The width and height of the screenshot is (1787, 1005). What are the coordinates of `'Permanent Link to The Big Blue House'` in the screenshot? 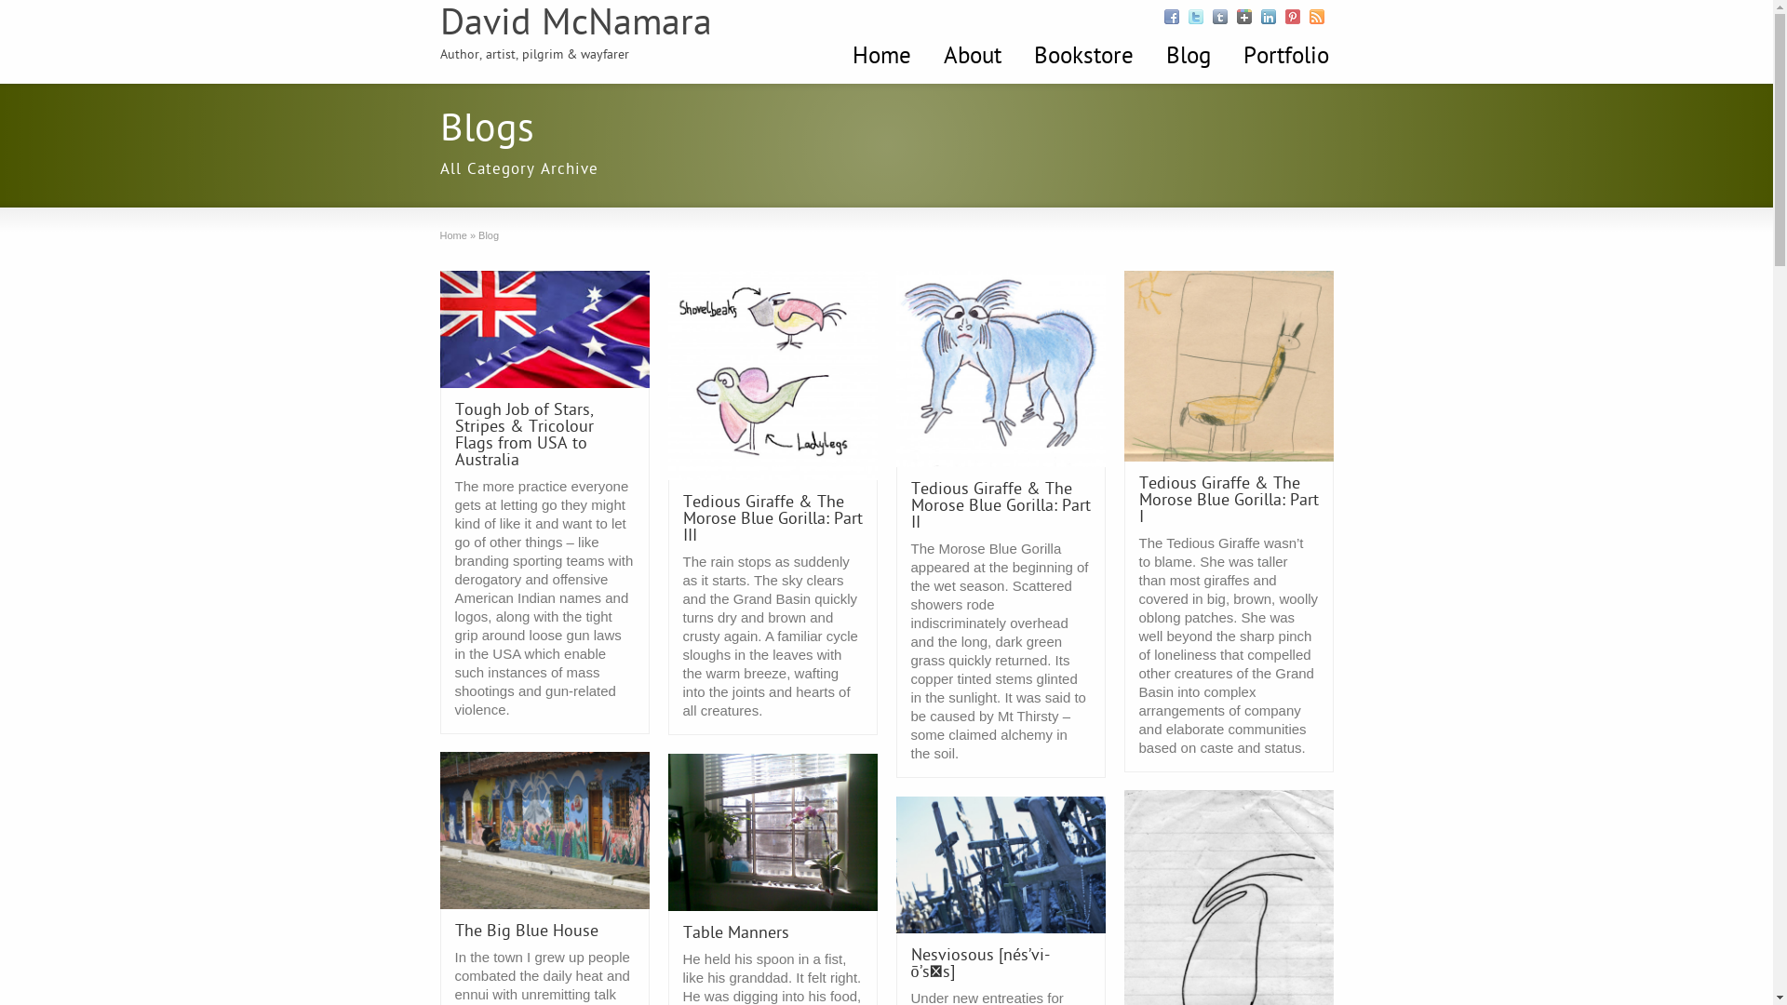 It's located at (543, 829).